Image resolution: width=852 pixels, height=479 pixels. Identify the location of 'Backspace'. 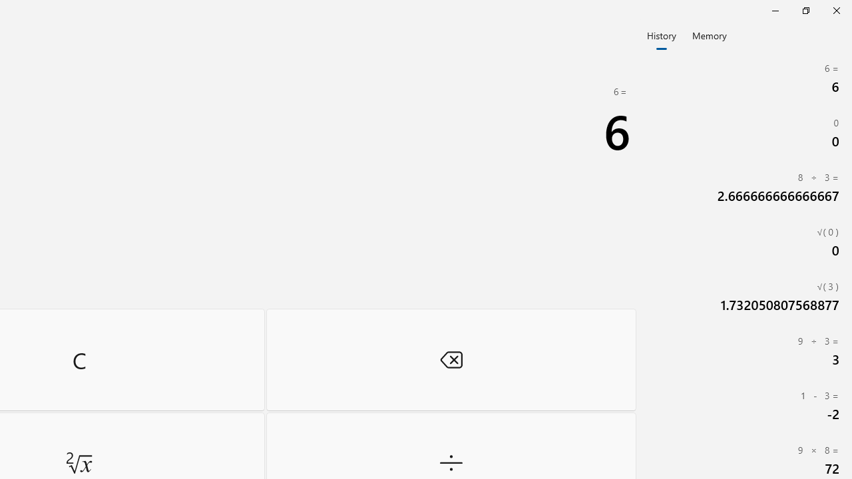
(451, 359).